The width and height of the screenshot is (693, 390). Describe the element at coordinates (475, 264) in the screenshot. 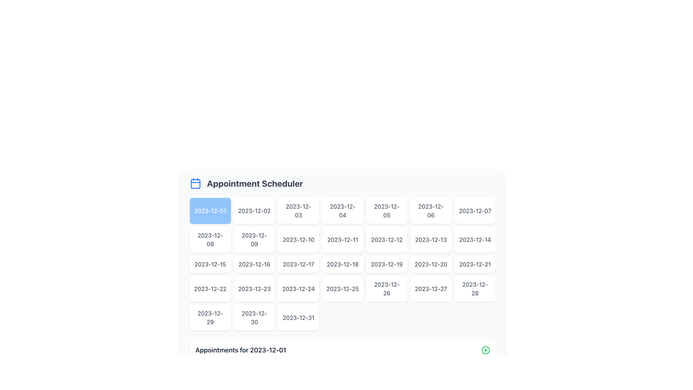

I see `the button displaying the date '2023-12-21'` at that location.